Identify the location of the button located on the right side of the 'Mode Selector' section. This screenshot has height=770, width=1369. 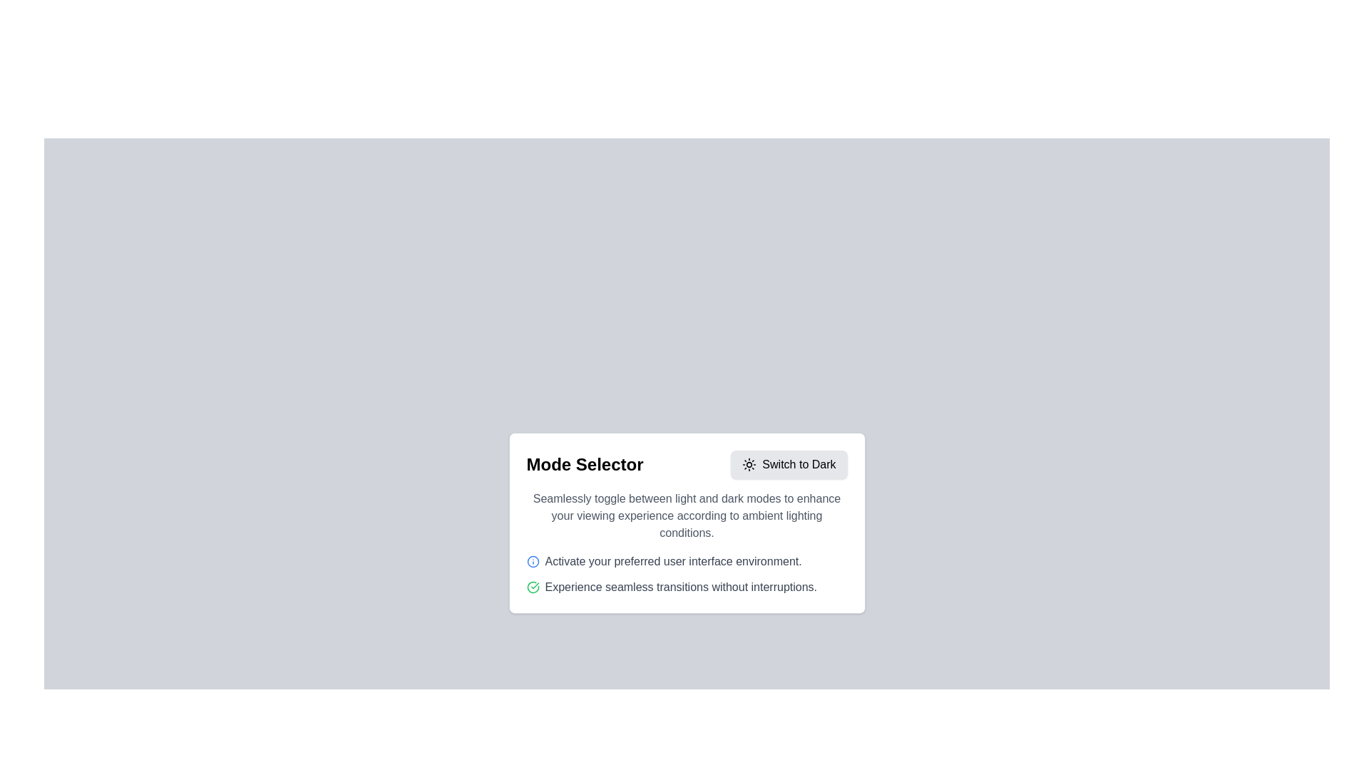
(788, 464).